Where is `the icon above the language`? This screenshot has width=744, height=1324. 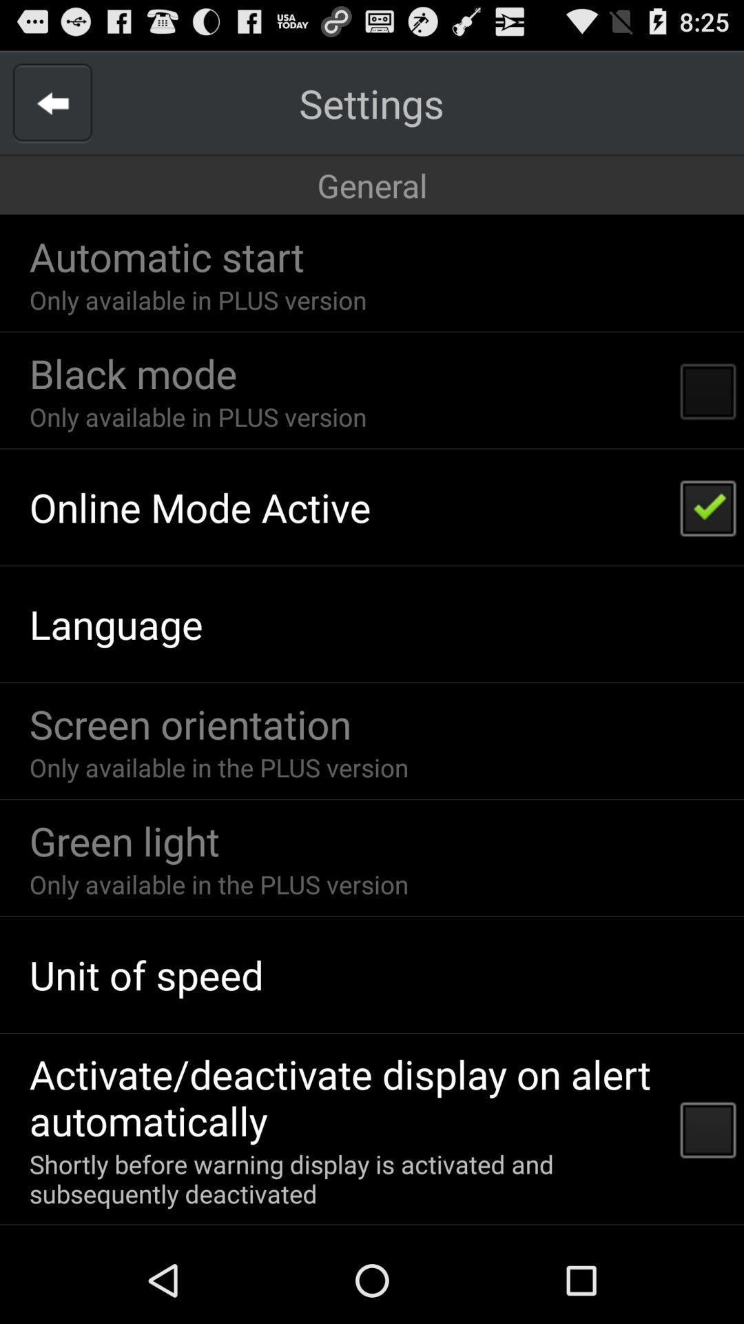
the icon above the language is located at coordinates (200, 506).